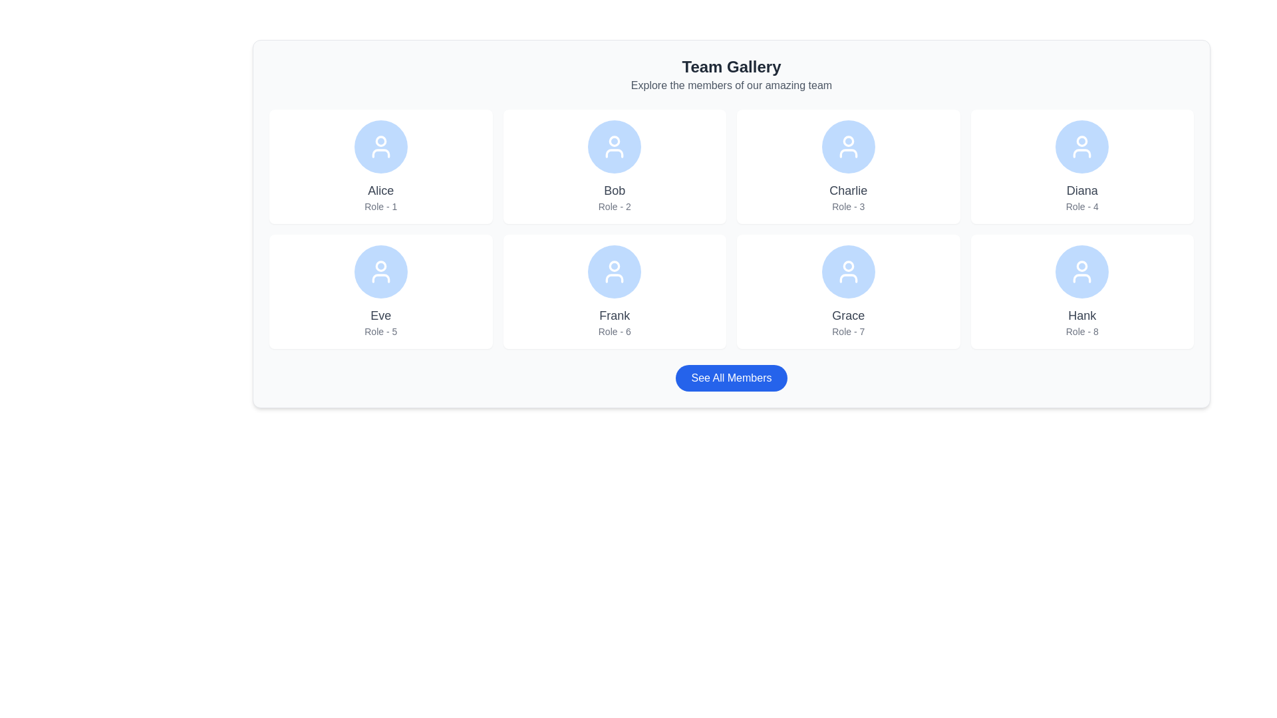  I want to click on the user profile icon located in the top-left card labeled 'Alice Role - 1' in the 'Team Gallery' section, which is situated inside the blue circular area at the top of this card, so click(380, 141).